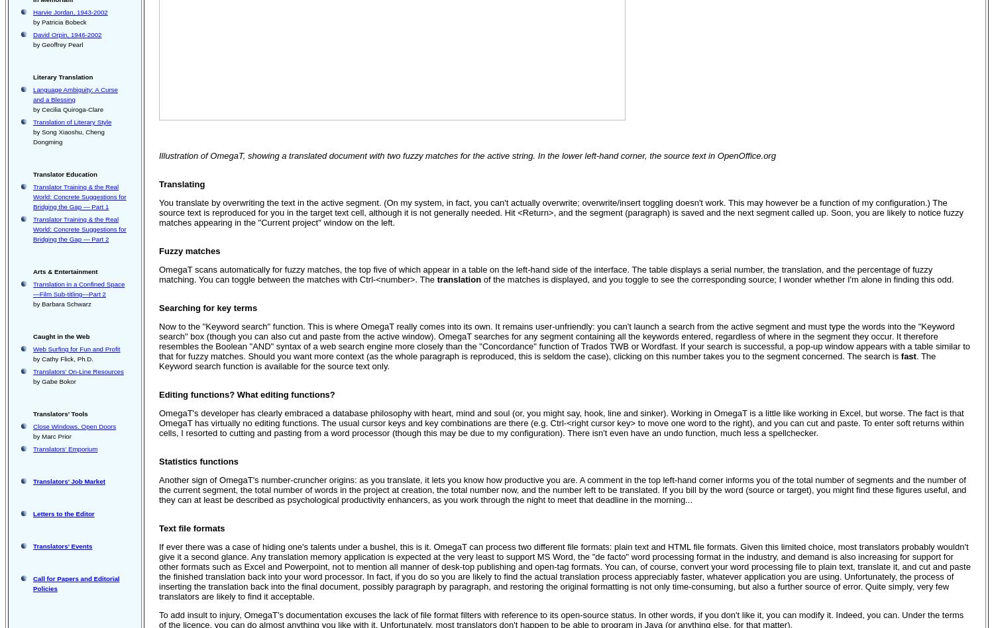 The width and height of the screenshot is (994, 628). What do you see at coordinates (60, 413) in the screenshot?
I see `'Translators’ Tools'` at bounding box center [60, 413].